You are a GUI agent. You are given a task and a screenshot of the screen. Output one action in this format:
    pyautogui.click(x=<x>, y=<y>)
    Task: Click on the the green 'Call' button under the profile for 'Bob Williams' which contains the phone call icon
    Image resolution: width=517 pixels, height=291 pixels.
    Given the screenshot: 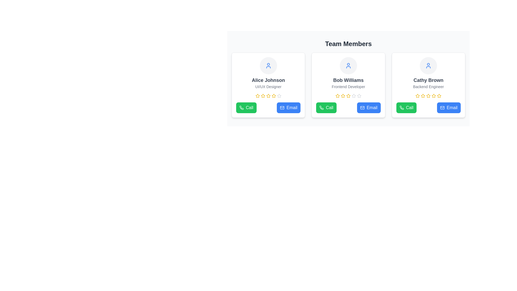 What is the action you would take?
    pyautogui.click(x=322, y=108)
    